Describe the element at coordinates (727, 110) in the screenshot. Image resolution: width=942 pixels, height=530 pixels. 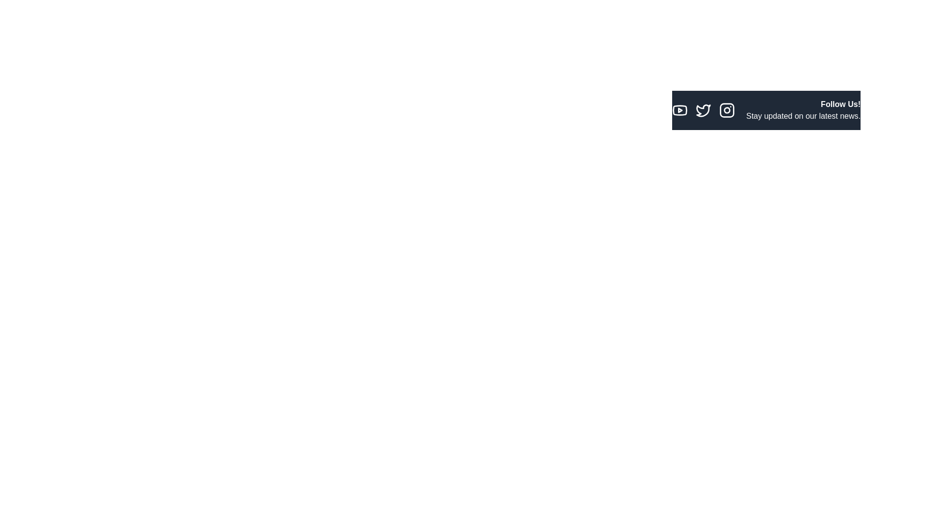
I see `the circular Instagram icon with a square outline, the fourth in a row of social media icons` at that location.